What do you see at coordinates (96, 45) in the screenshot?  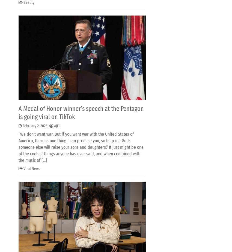 I see `':'` at bounding box center [96, 45].